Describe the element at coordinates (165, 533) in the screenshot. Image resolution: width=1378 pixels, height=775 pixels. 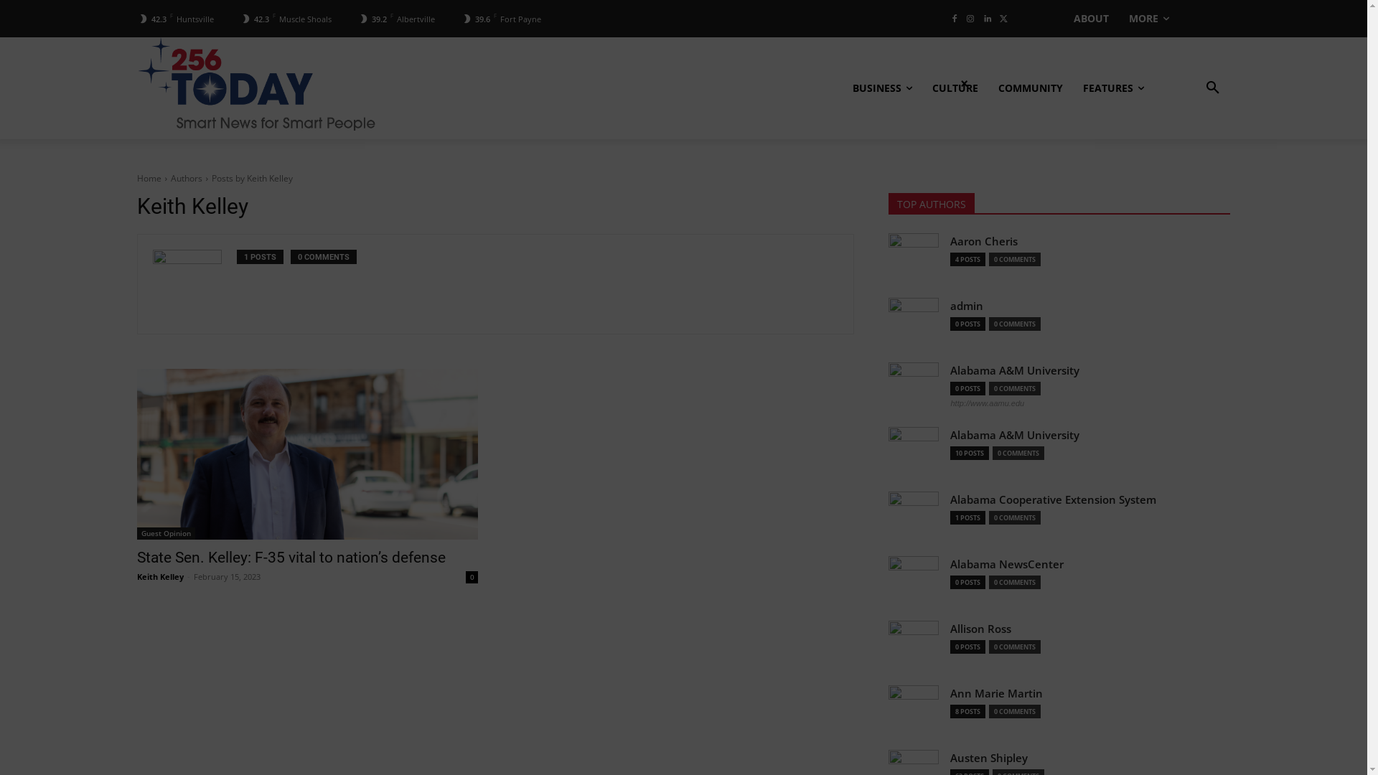
I see `'Guest Opinion'` at that location.